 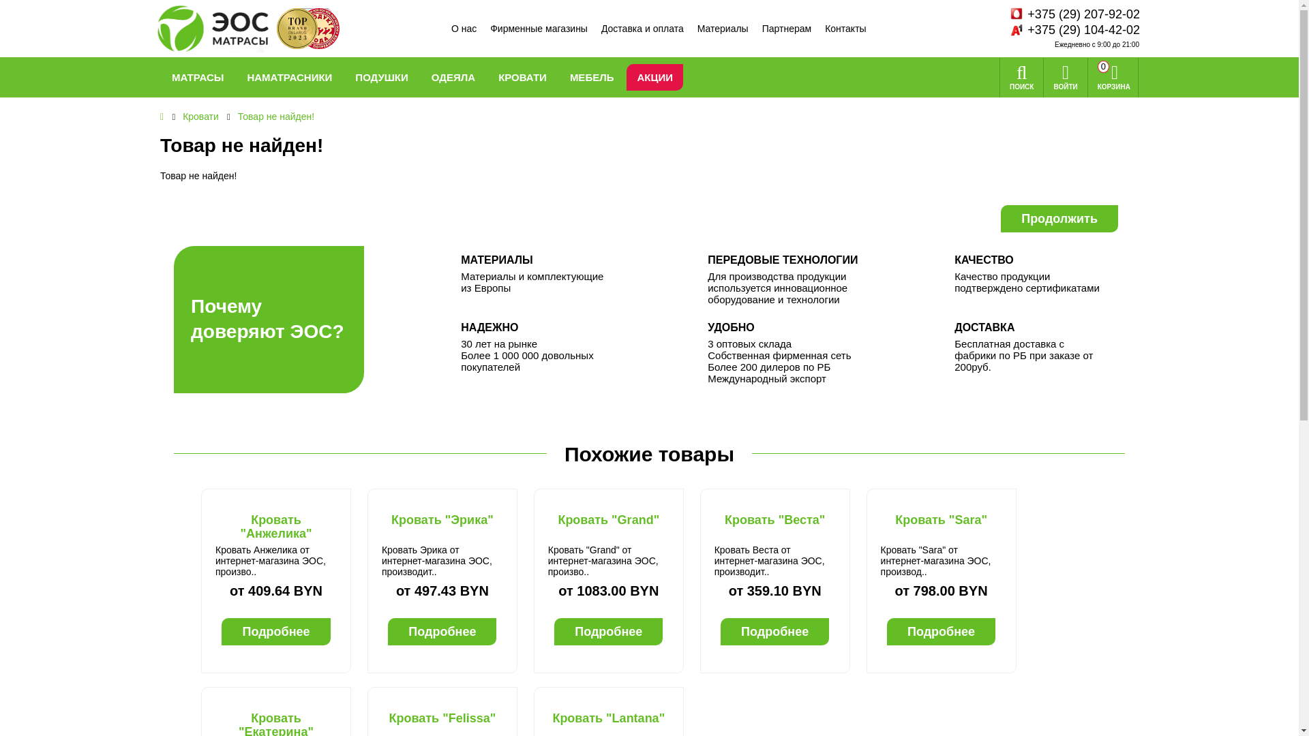 I want to click on '+375 (29) 207-92-02', so click(x=1025, y=14).